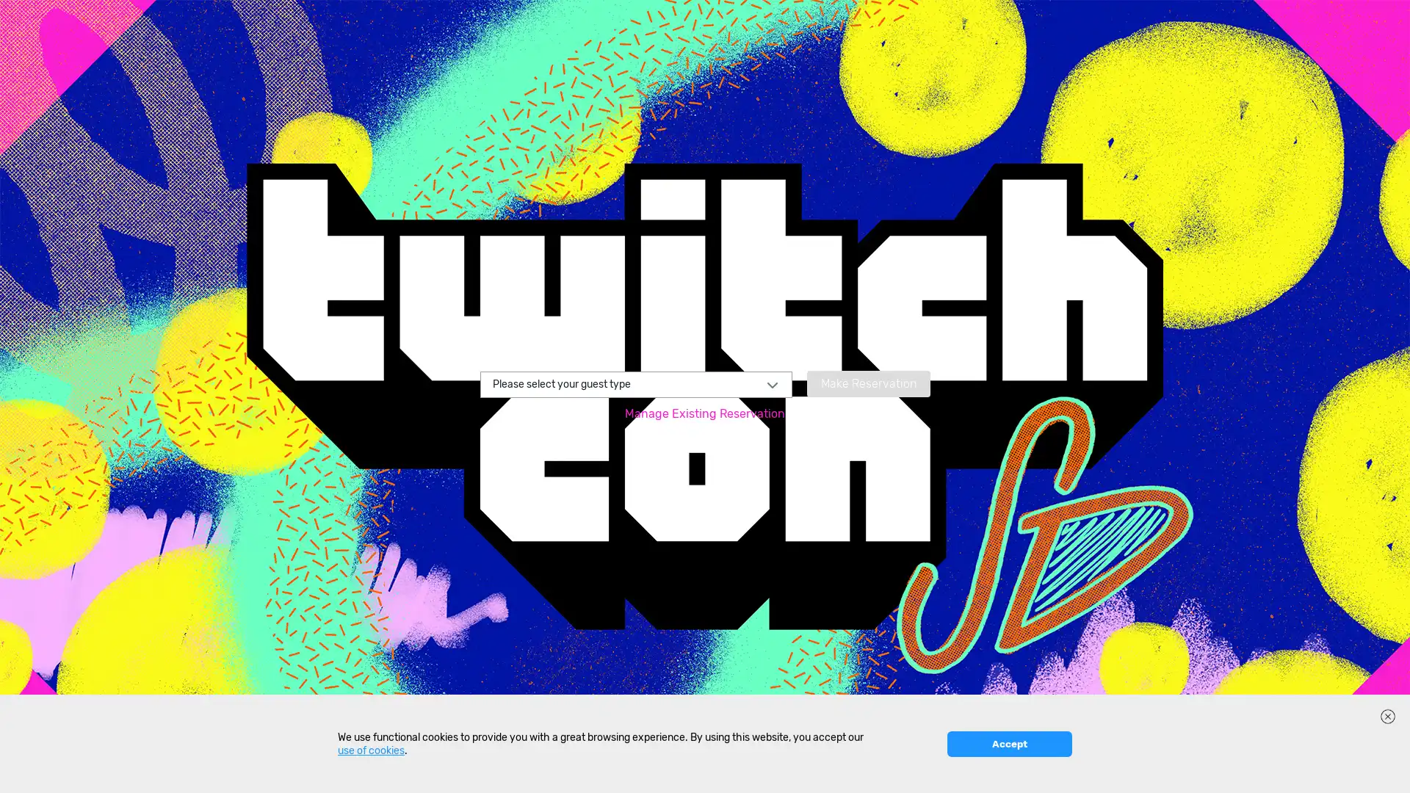 This screenshot has height=793, width=1410. I want to click on Make Reservation, so click(867, 382).